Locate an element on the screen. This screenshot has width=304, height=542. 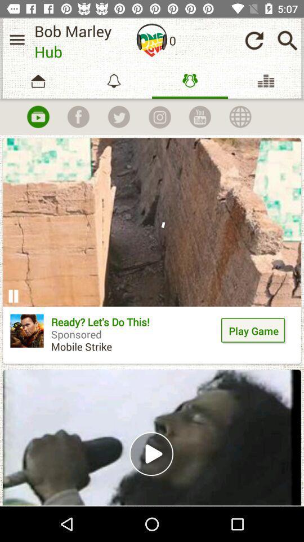
video is located at coordinates (152, 437).